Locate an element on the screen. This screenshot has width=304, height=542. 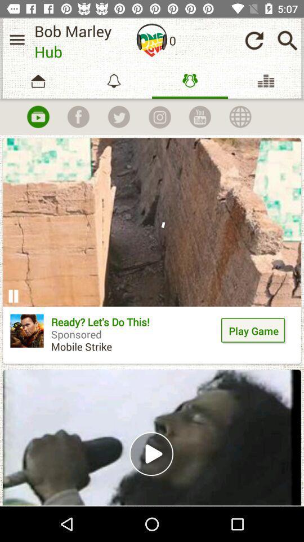
video is located at coordinates (152, 437).